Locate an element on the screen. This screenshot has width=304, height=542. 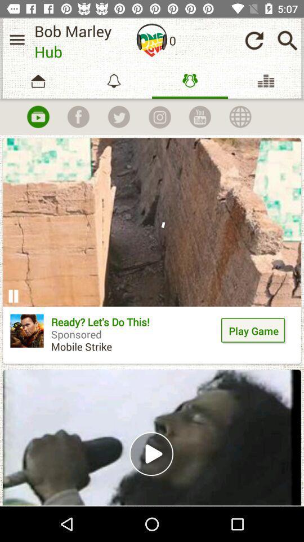
video is located at coordinates (152, 437).